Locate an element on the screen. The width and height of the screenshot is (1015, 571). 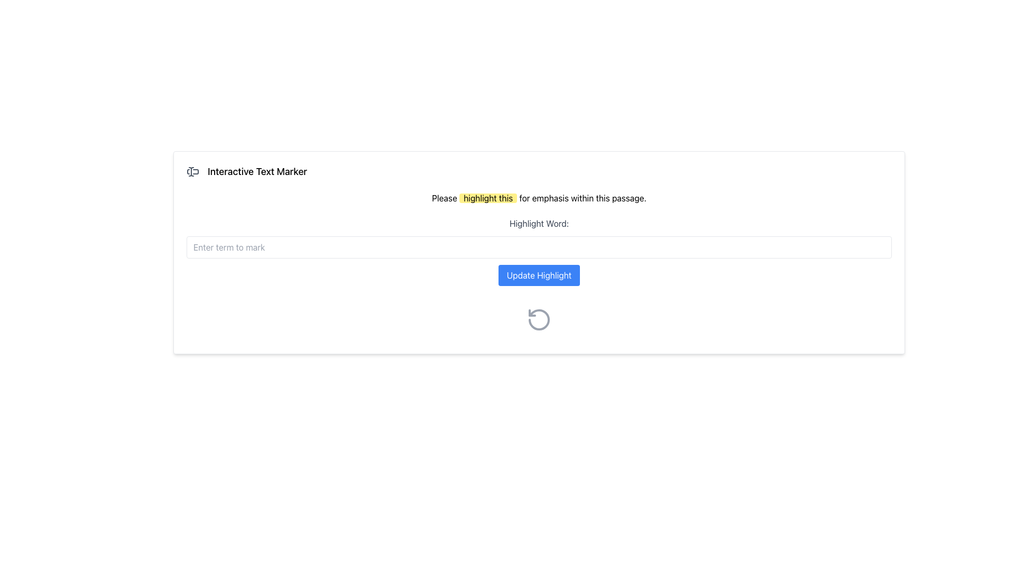
the circular icon with a counter-clockwise arrow symbol, styled in gray tones, located at the bottom of the layout below the blue 'Update Highlight' button is located at coordinates (539, 319).